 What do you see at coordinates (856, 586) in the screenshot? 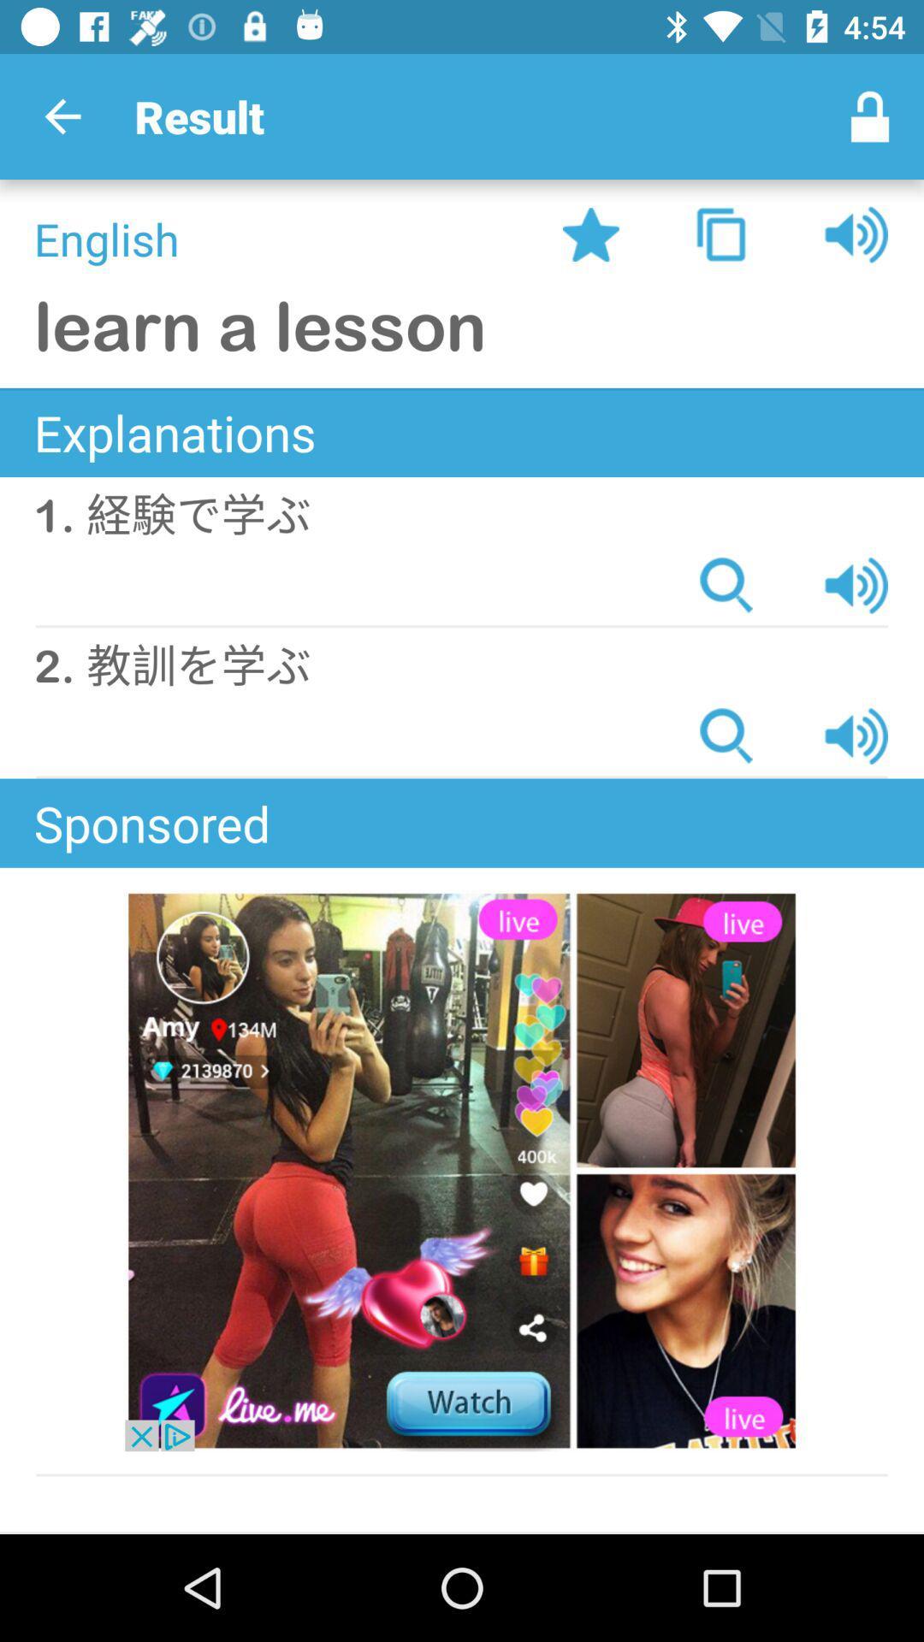
I see `the second sound icon on the right side of the web page` at bounding box center [856, 586].